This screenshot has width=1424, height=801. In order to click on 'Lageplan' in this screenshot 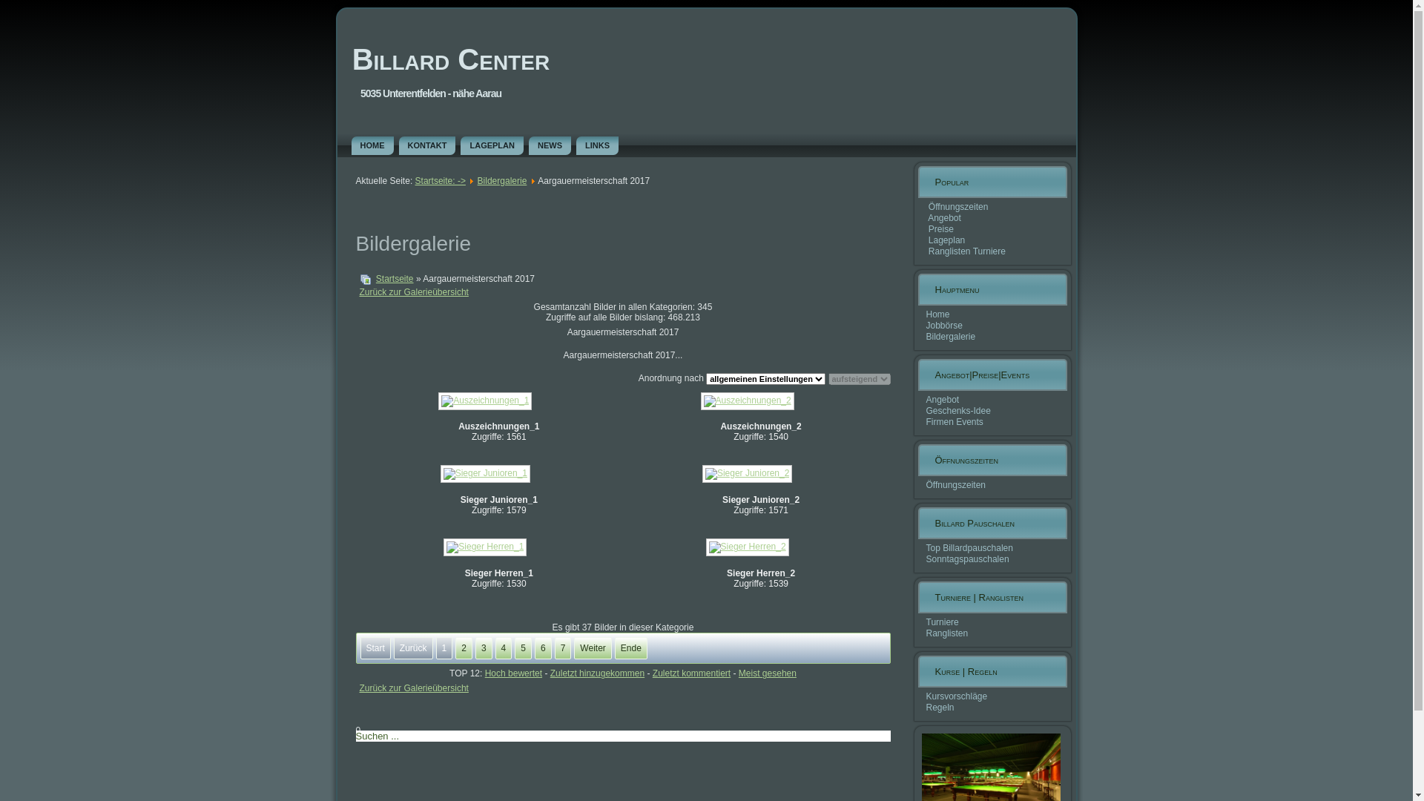, I will do `click(928, 240)`.